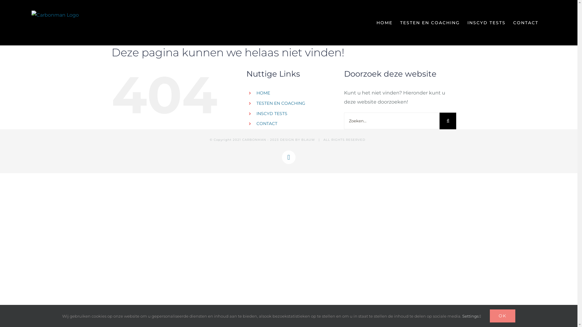 The height and width of the screenshot is (327, 582). What do you see at coordinates (502, 315) in the screenshot?
I see `'OK'` at bounding box center [502, 315].